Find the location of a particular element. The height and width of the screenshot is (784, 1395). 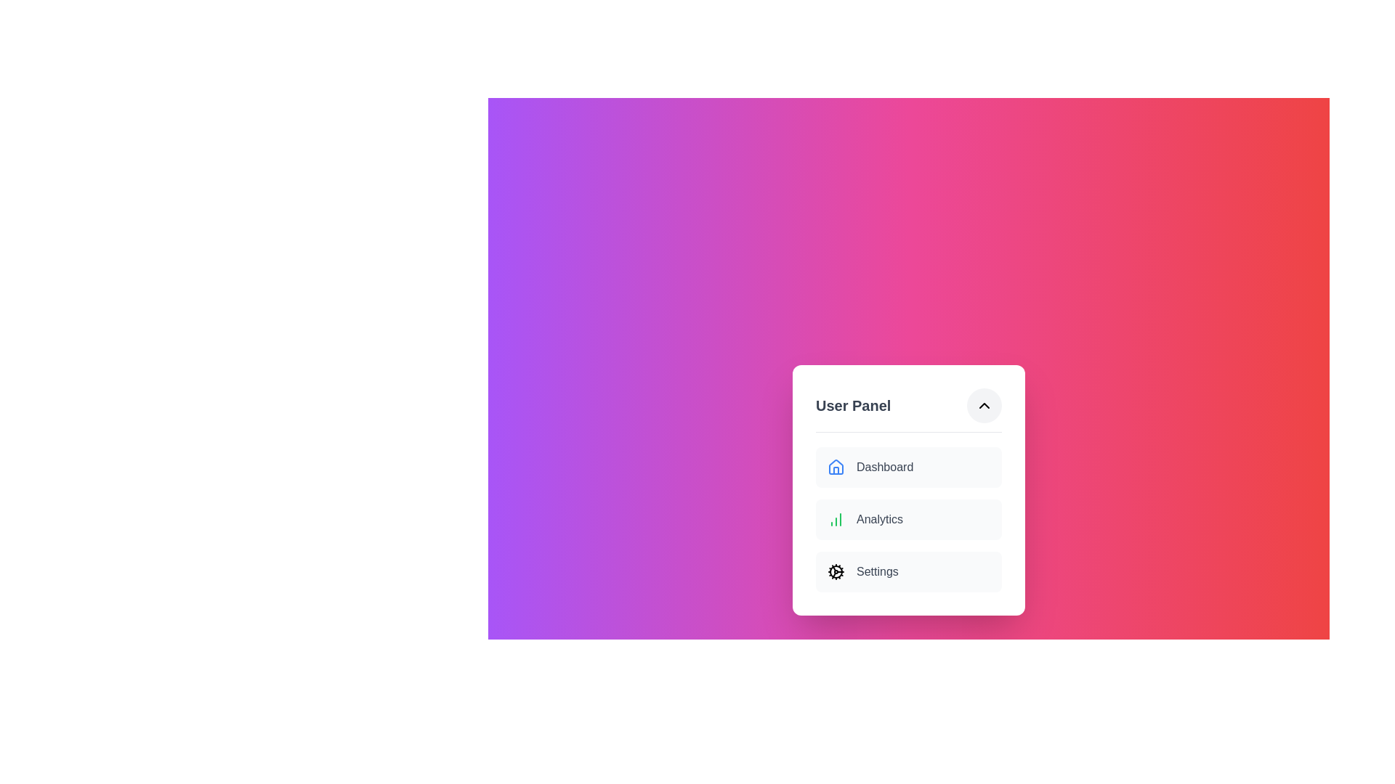

the text 'Analytics' in the menu is located at coordinates (908, 518).